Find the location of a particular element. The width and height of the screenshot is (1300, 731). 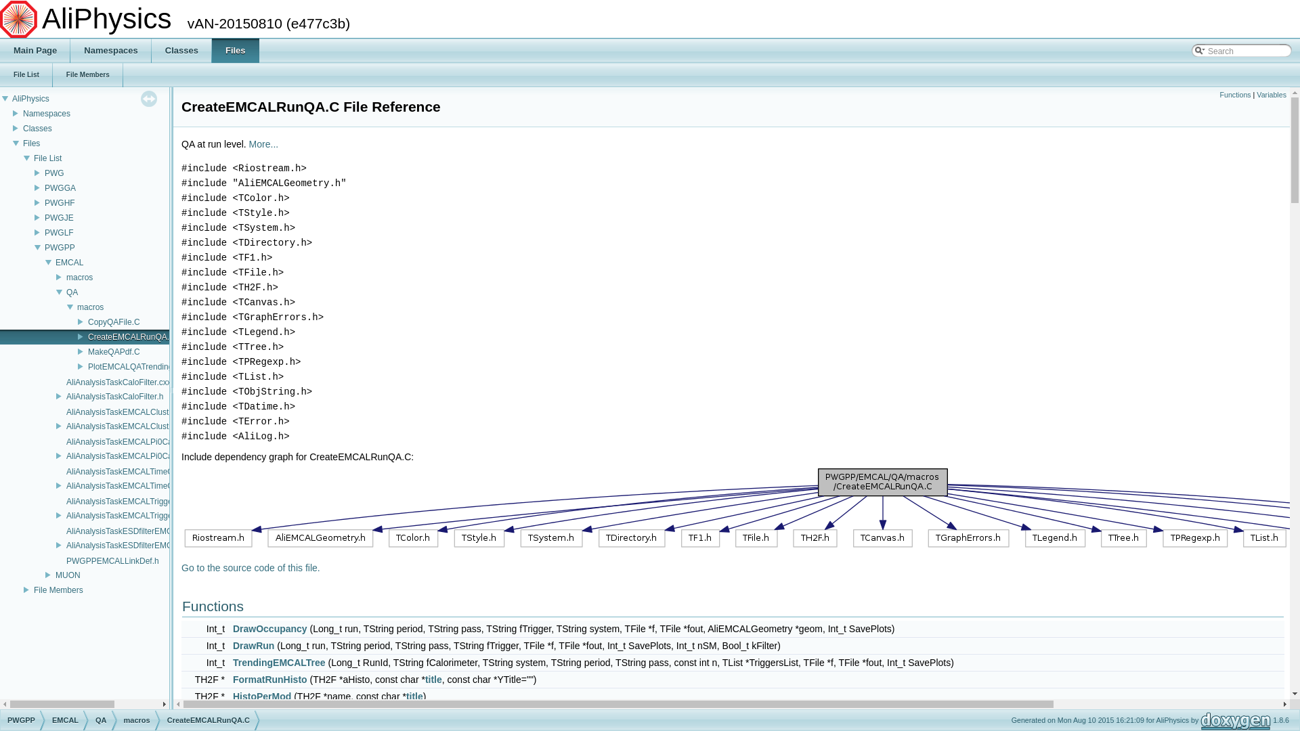

'MUON' is located at coordinates (67, 575).